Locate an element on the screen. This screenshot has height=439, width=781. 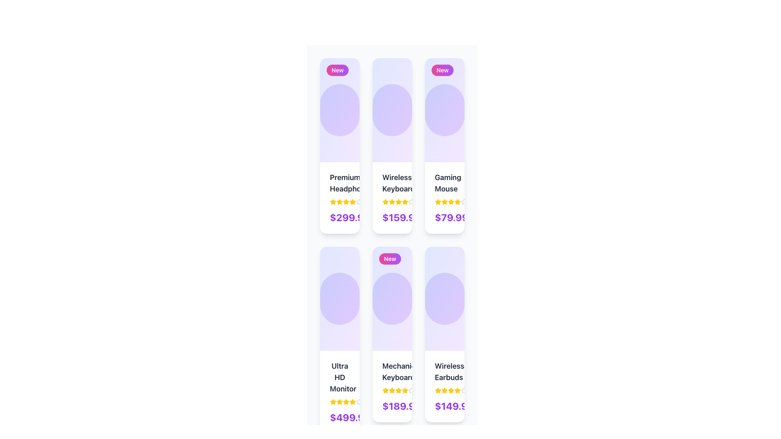
bold purple text label displaying the price '$499.99' located at the bottom section of the product card, directly below the product rating and name is located at coordinates (350, 417).